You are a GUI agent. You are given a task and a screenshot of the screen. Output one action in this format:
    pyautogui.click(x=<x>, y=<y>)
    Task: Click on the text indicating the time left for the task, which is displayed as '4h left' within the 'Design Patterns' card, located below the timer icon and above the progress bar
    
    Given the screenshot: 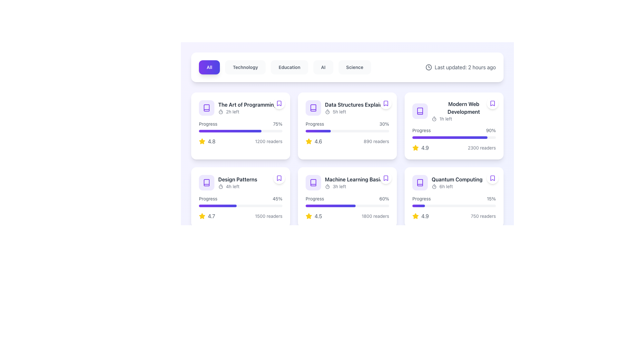 What is the action you would take?
    pyautogui.click(x=237, y=186)
    